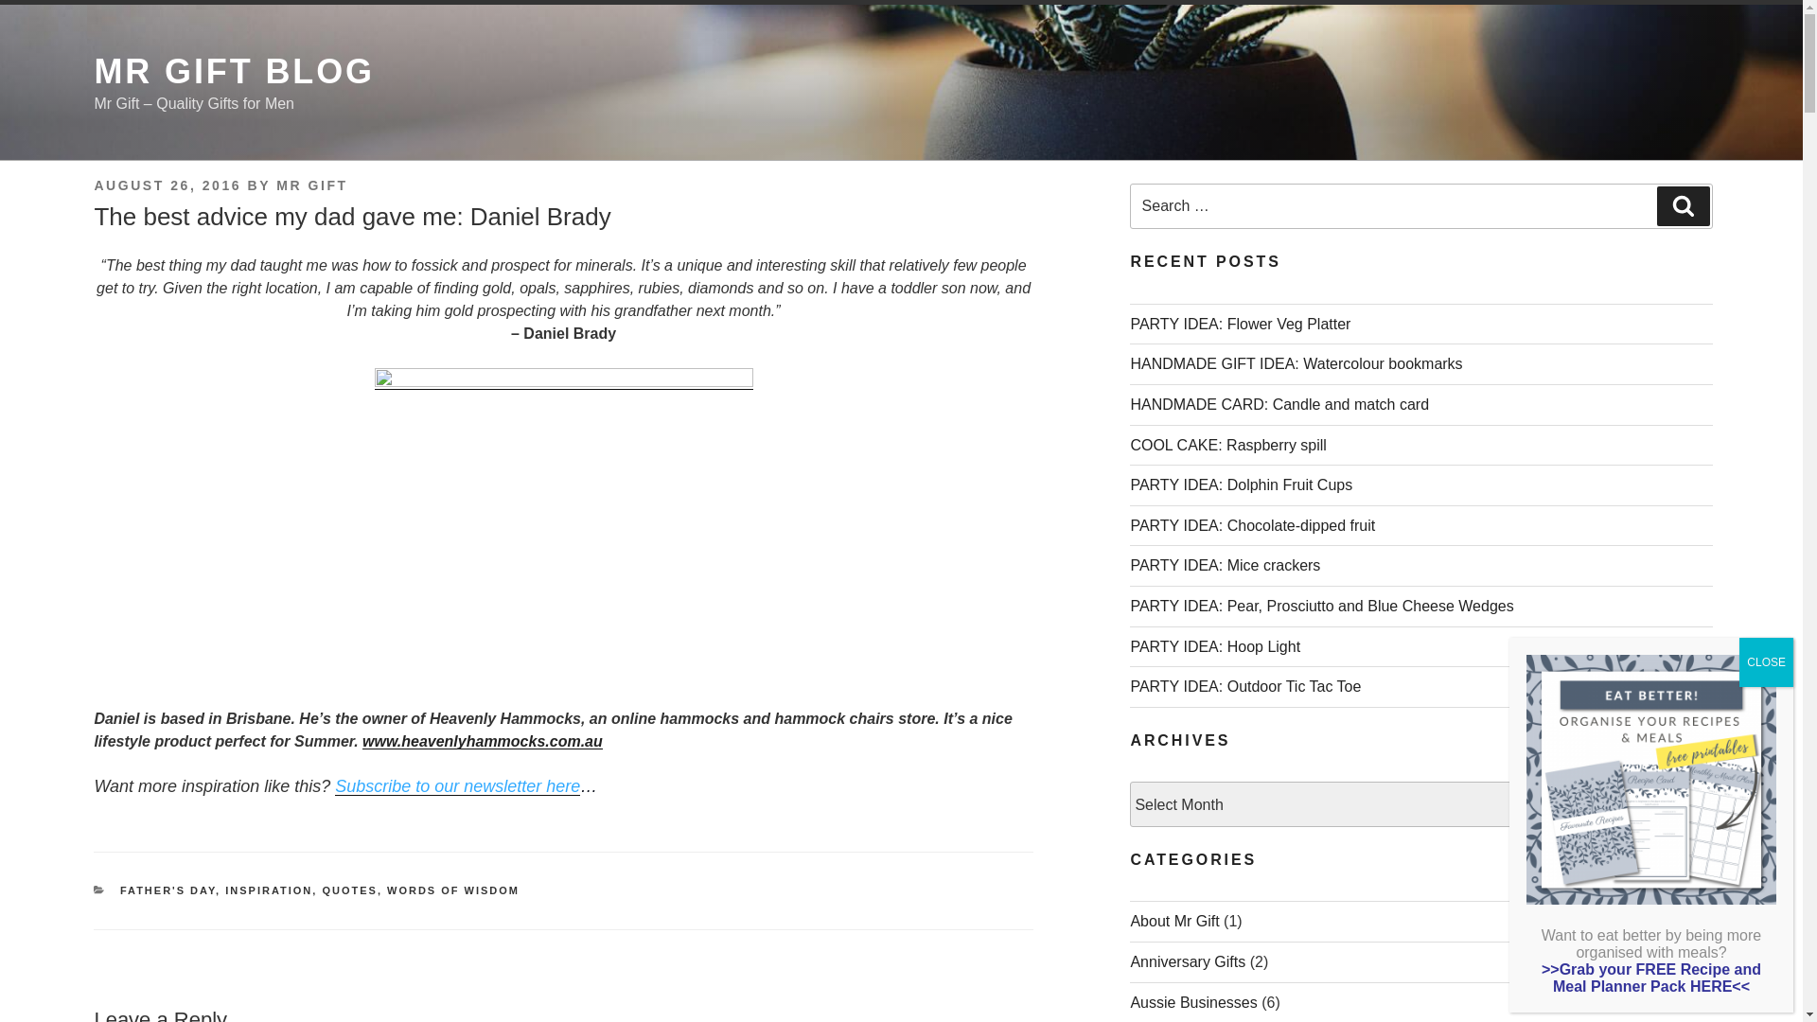 The image size is (1817, 1022). I want to click on 'About Mr Gift', so click(1173, 920).